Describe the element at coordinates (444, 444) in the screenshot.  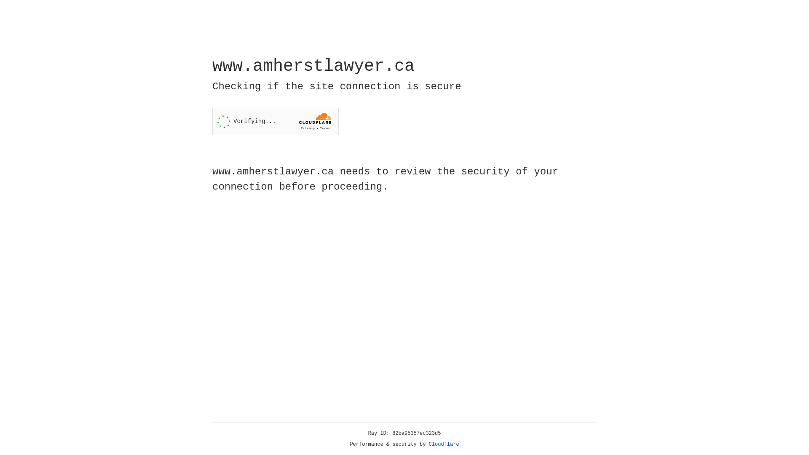
I see `'Cloudflare'` at that location.